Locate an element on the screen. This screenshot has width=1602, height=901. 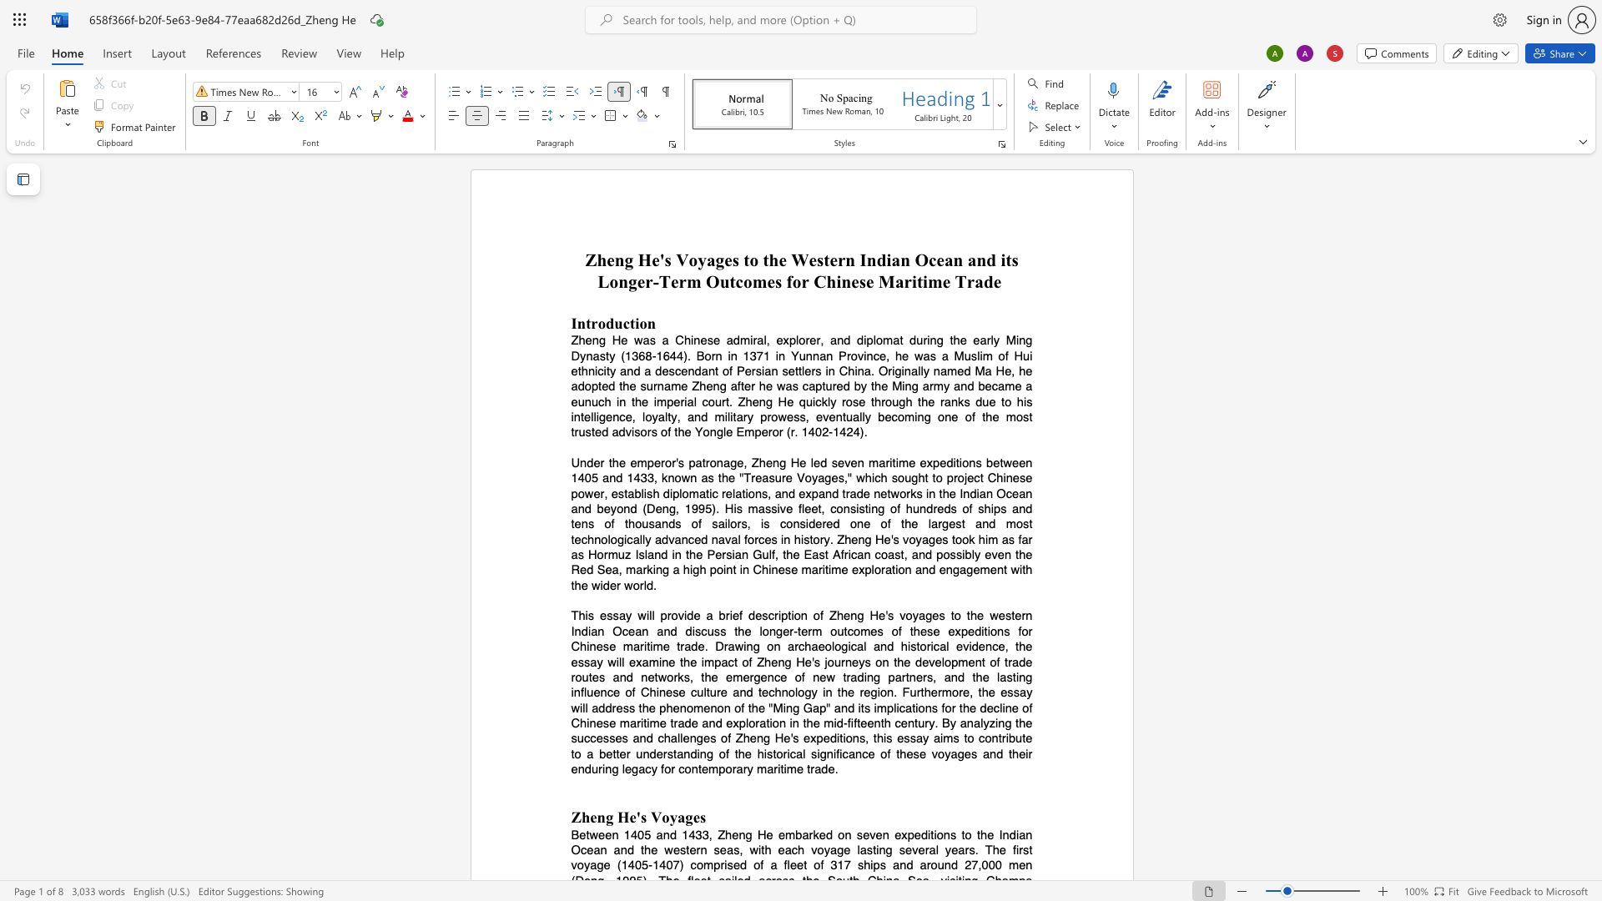
the subset text "en" within the text "possibly even" is located at coordinates (997, 555).